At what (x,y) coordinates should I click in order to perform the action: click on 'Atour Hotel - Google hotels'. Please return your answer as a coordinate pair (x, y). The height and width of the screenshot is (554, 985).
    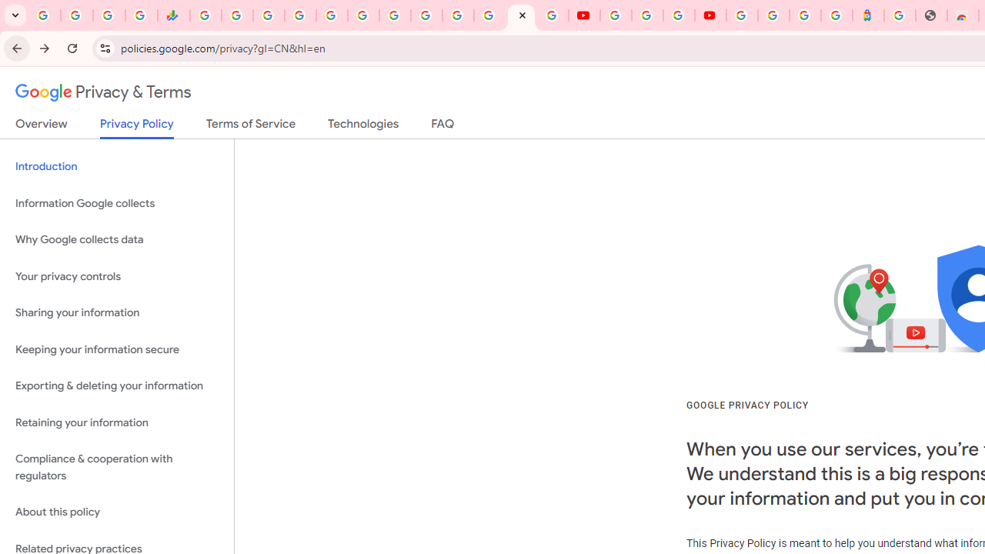
    Looking at the image, I should click on (868, 15).